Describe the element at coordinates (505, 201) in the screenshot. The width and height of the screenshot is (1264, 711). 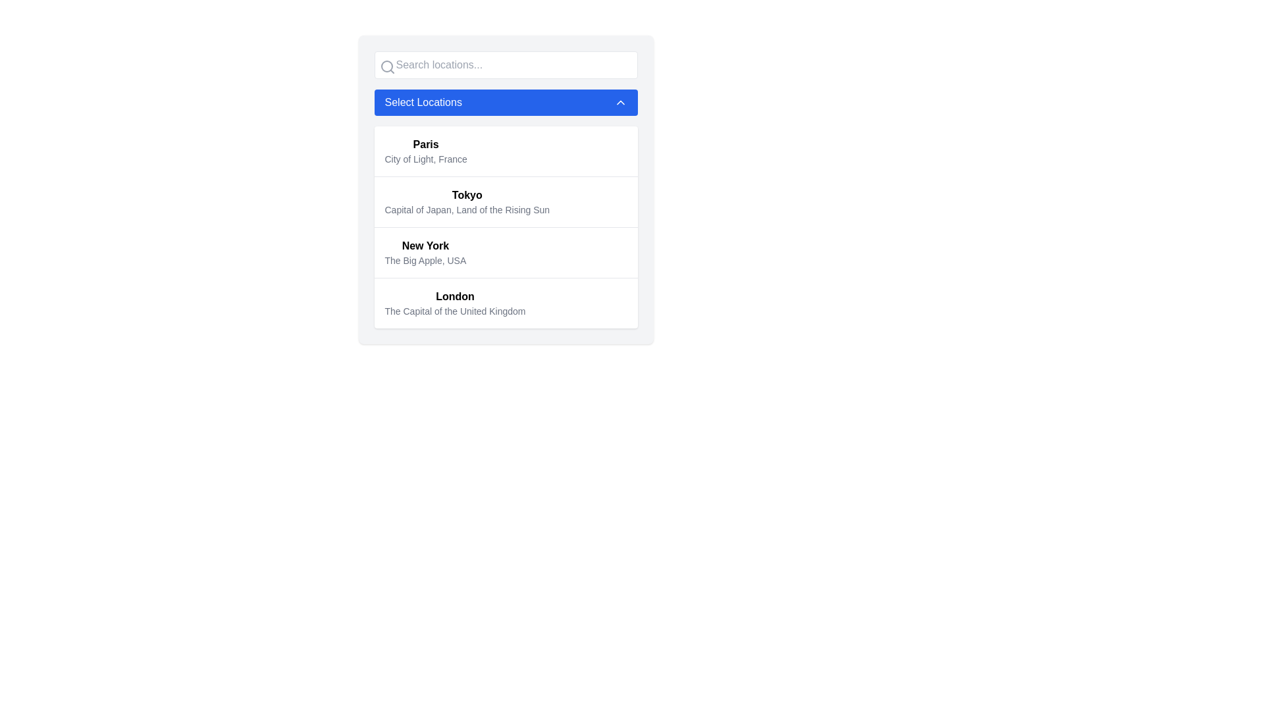
I see `the selectable list item representing 'Tokyo' in the 'Select Locations' component, which is the second option in the list` at that location.